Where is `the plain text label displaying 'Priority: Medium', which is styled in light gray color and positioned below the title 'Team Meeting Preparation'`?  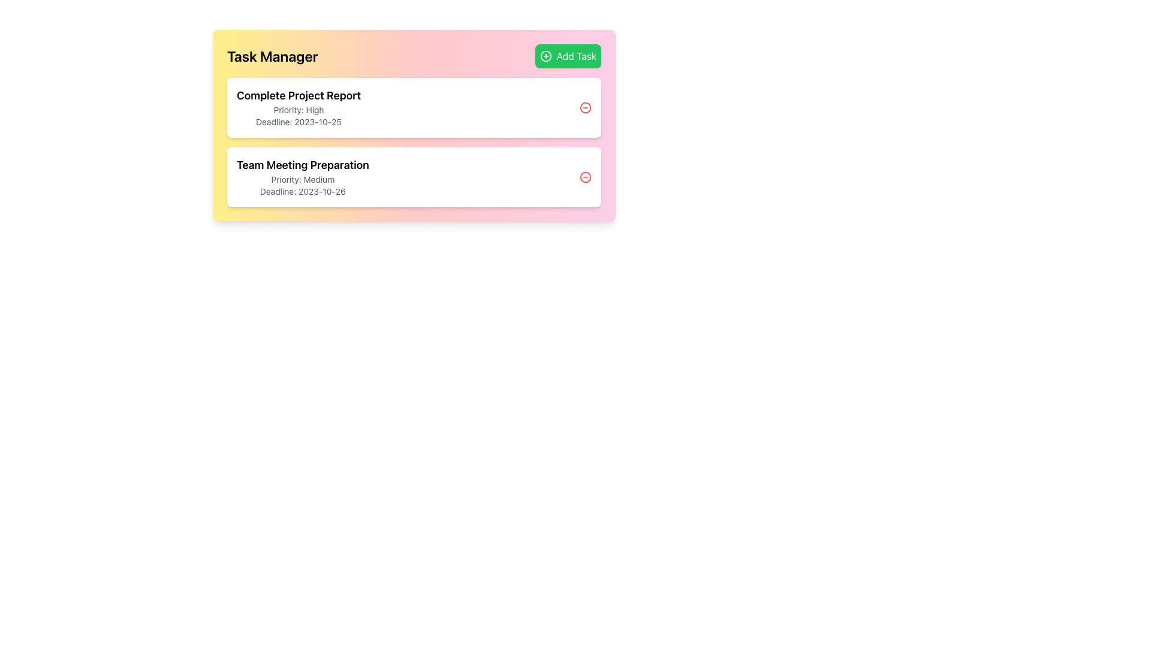 the plain text label displaying 'Priority: Medium', which is styled in light gray color and positioned below the title 'Team Meeting Preparation' is located at coordinates (303, 180).